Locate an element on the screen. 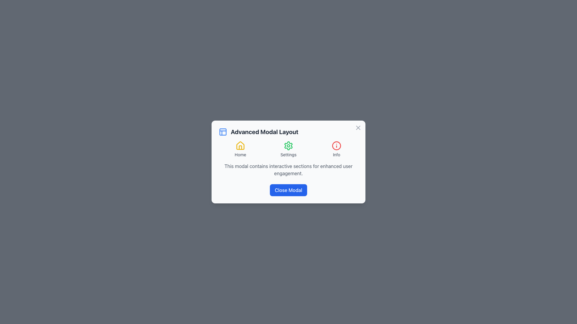 This screenshot has height=324, width=577. the vertical rectangle shape resembling a door or window in the house-shaped icon, which is located near the center-bottom area aligned with the 'Home' label is located at coordinates (240, 148).